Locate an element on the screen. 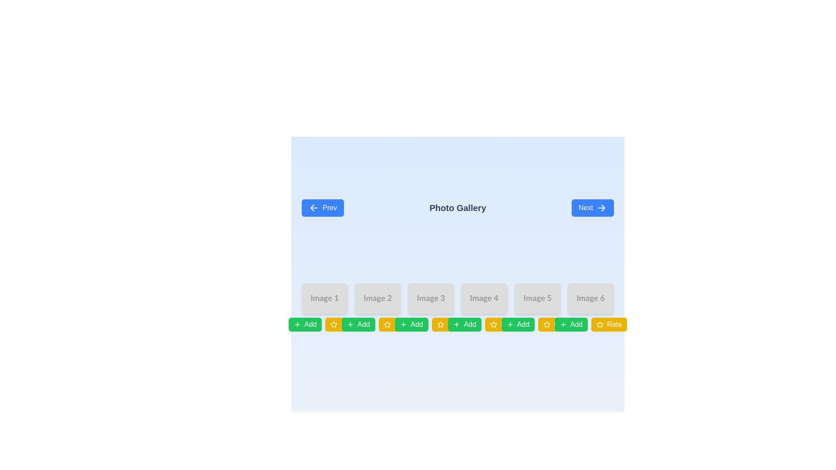 The height and width of the screenshot is (470, 836). the '+' icon embedded in the 'Add' button with a green background, located beneath the 'Image 4' label is located at coordinates (456, 324).